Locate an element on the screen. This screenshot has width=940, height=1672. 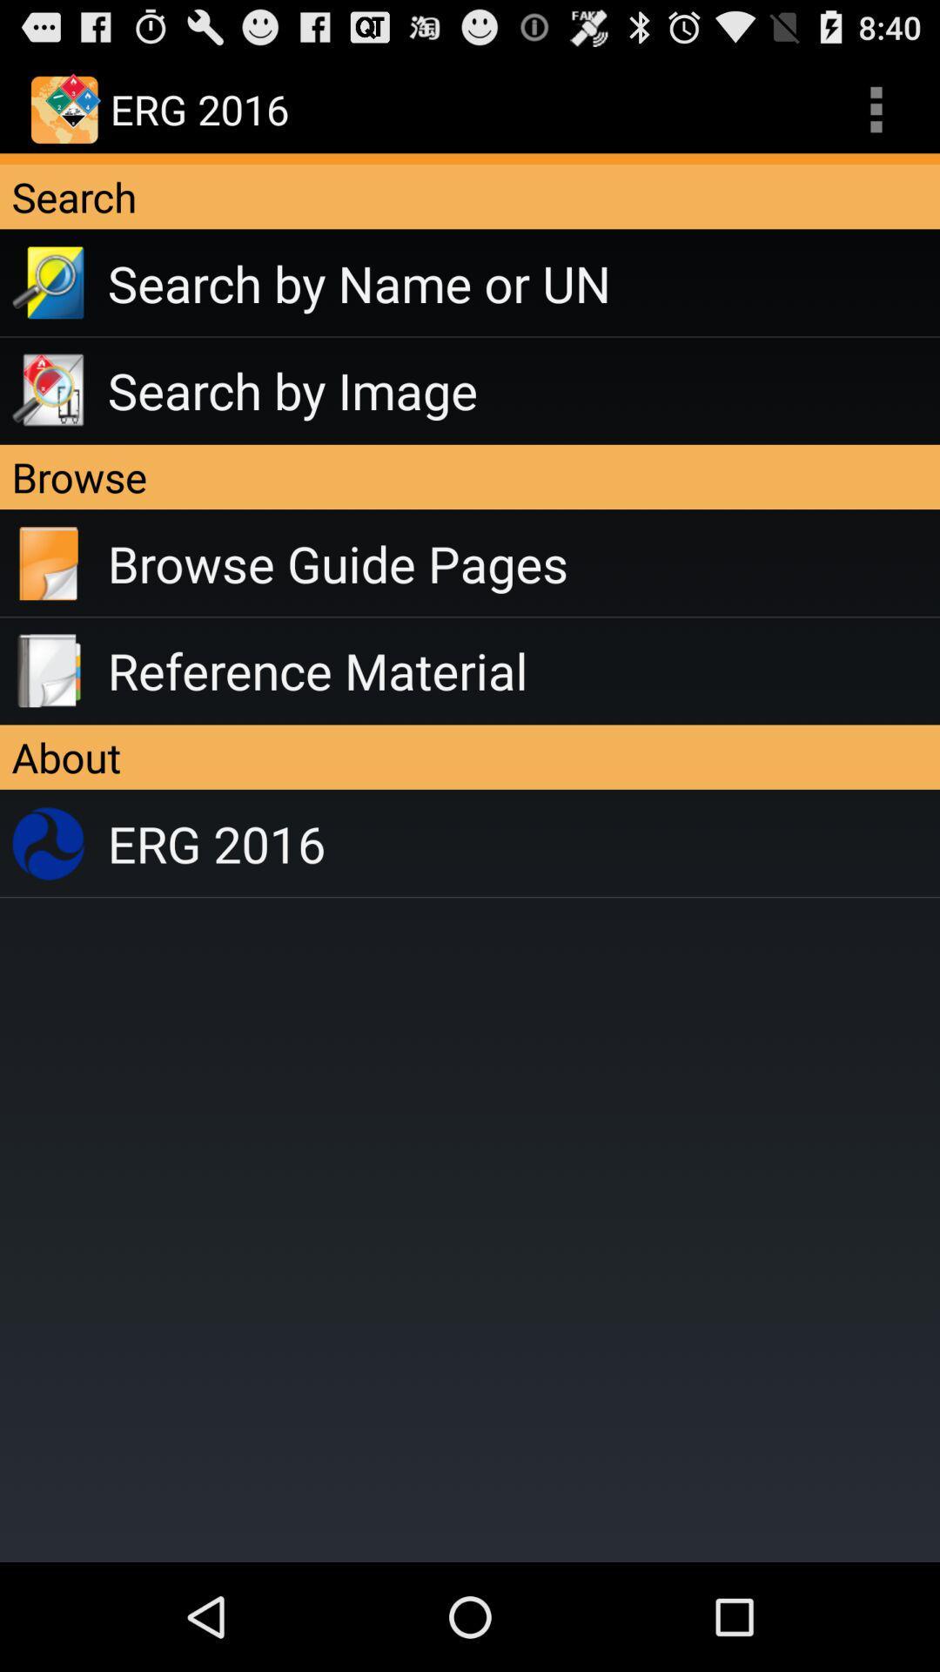
browse guide pages app is located at coordinates (522, 563).